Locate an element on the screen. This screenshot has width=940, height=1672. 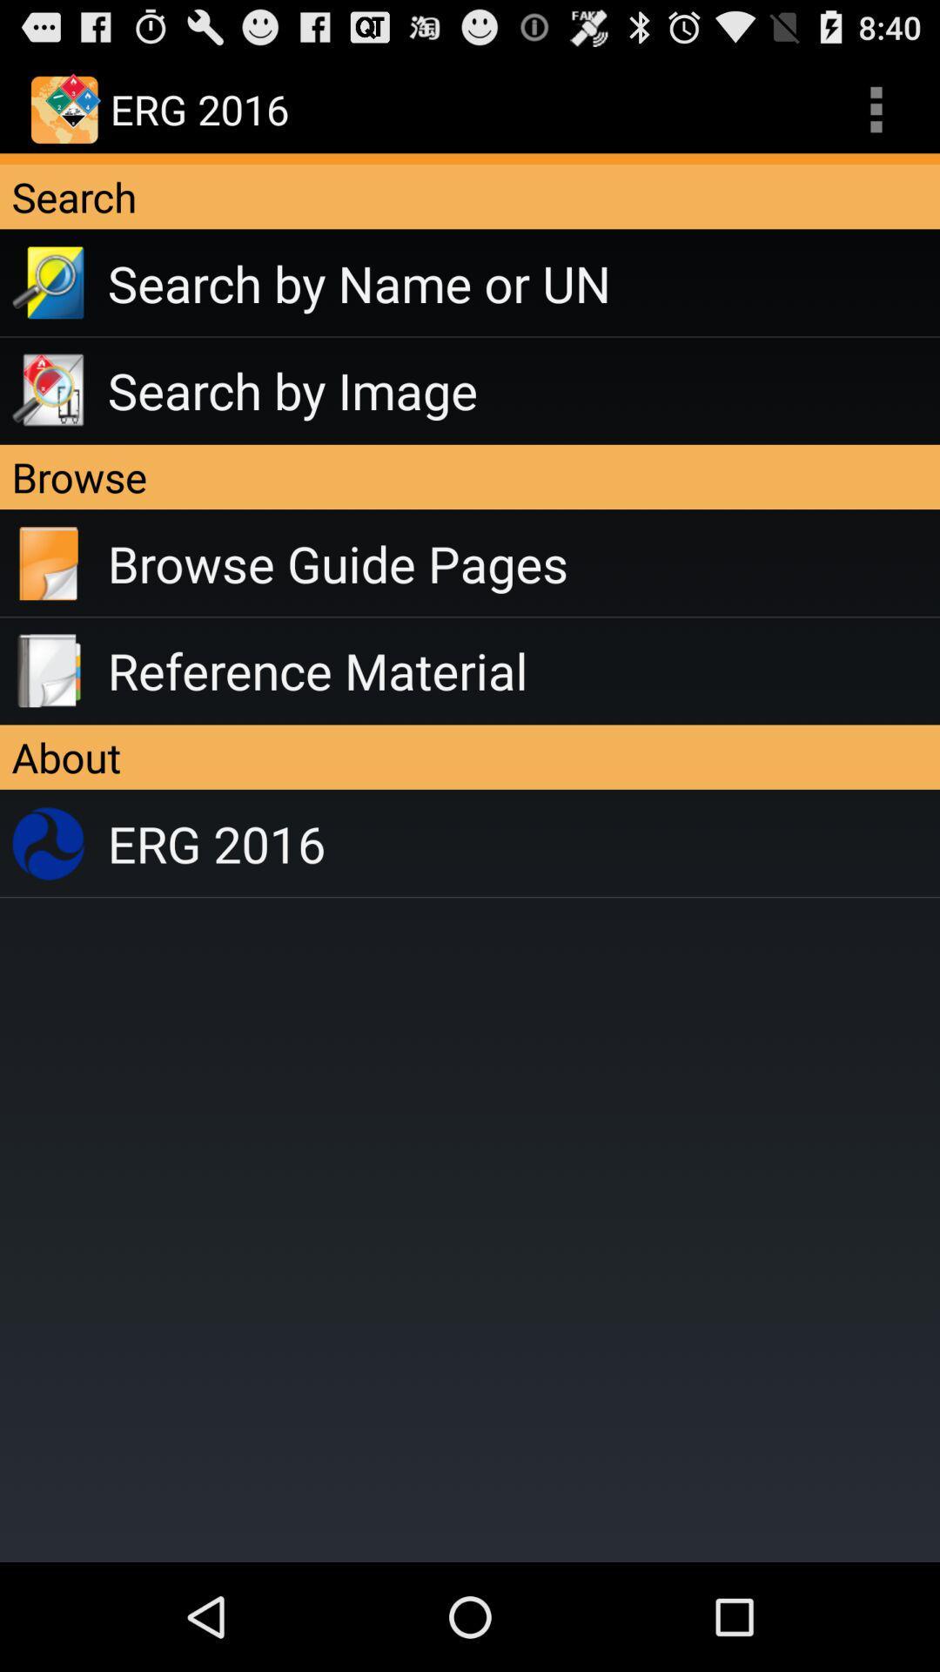
browse guide pages app is located at coordinates (522, 563).